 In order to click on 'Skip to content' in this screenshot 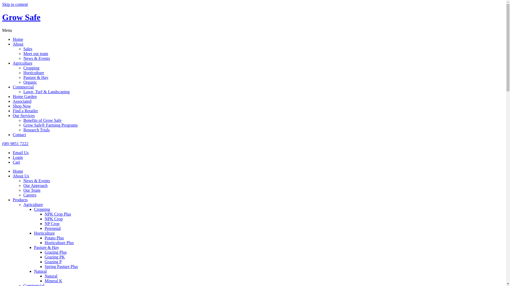, I will do `click(15, 4)`.